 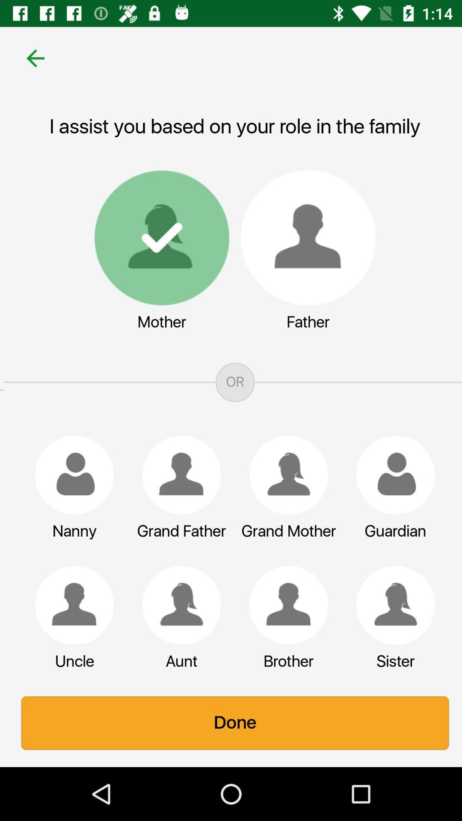 I want to click on mother option, so click(x=158, y=238).